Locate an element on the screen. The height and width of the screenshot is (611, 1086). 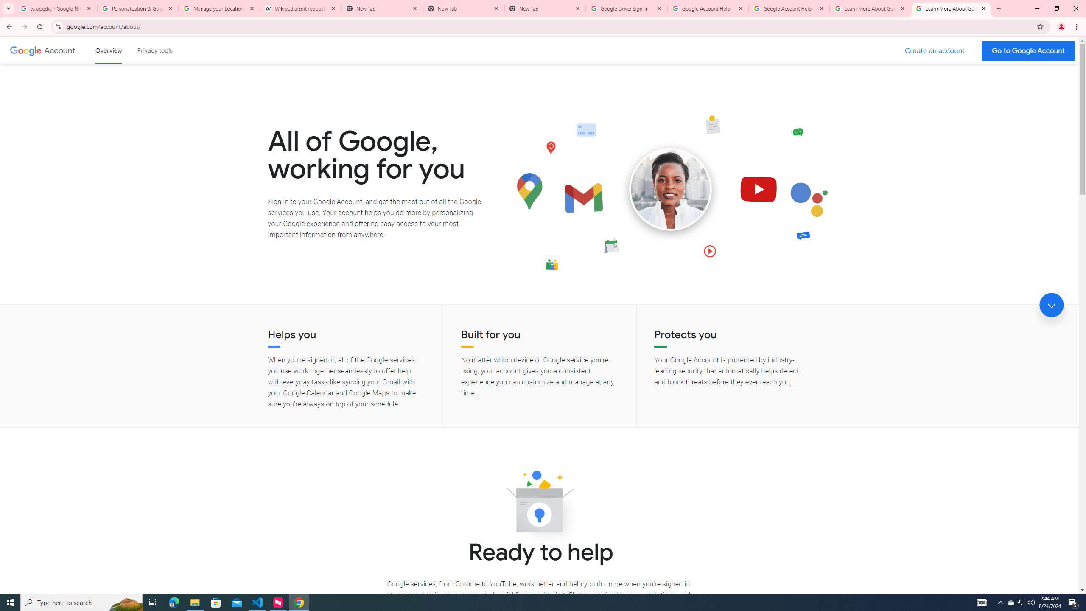
'Wikipedia:Edit requests - Wikipedia' is located at coordinates (301, 8).